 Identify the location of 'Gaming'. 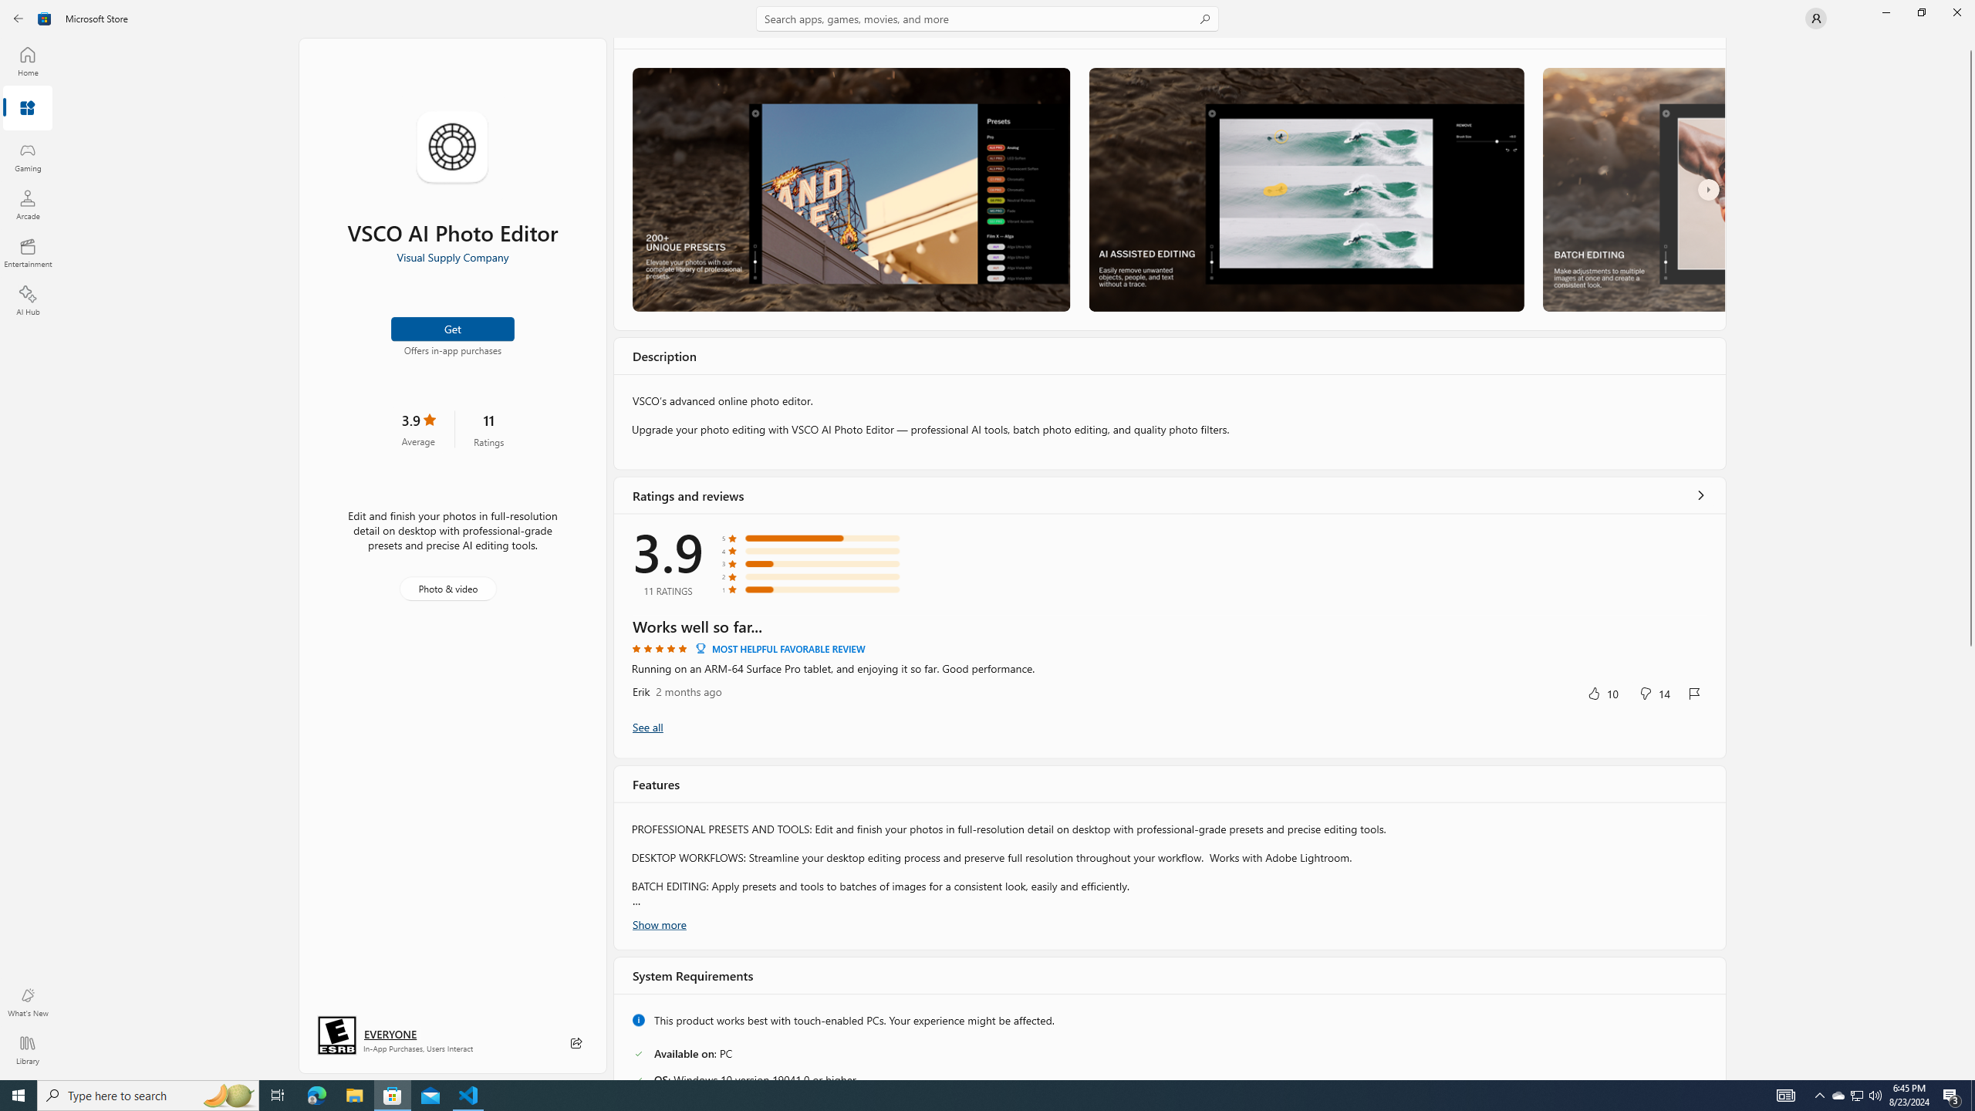
(26, 156).